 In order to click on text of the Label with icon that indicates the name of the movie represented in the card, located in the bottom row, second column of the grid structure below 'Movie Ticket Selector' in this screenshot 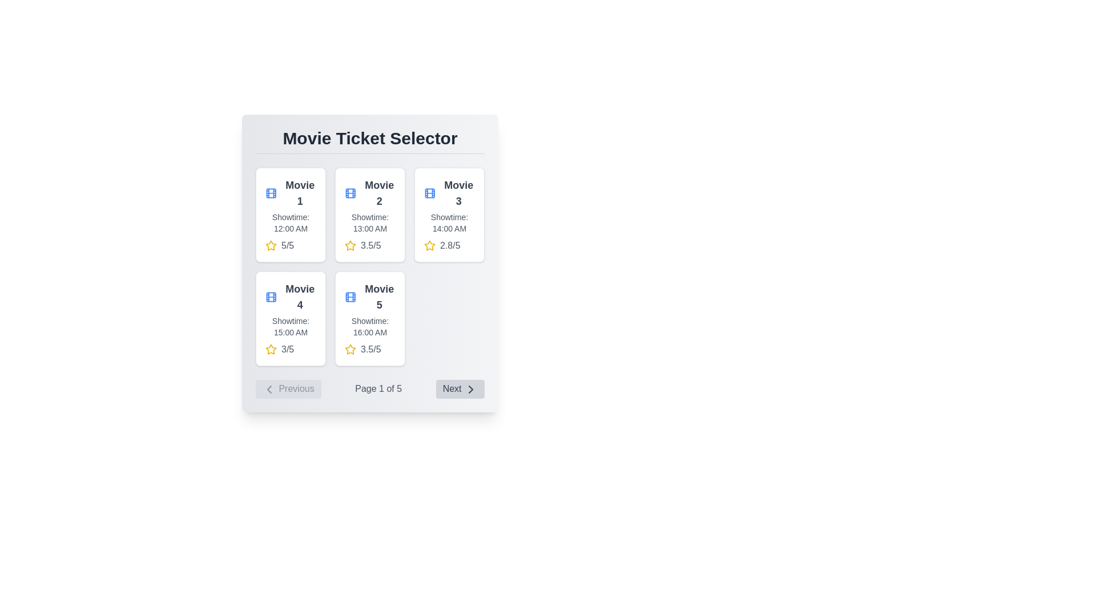, I will do `click(370, 296)`.